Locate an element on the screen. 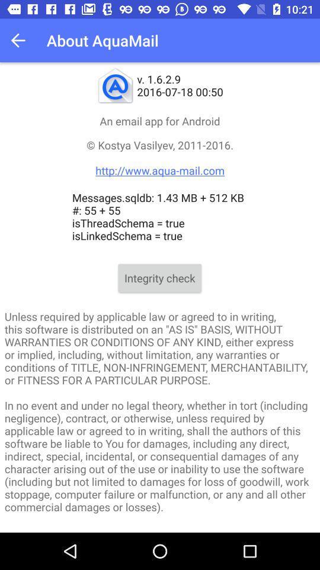 This screenshot has width=320, height=570. kostya vasilyev 2011 app is located at coordinates (160, 157).